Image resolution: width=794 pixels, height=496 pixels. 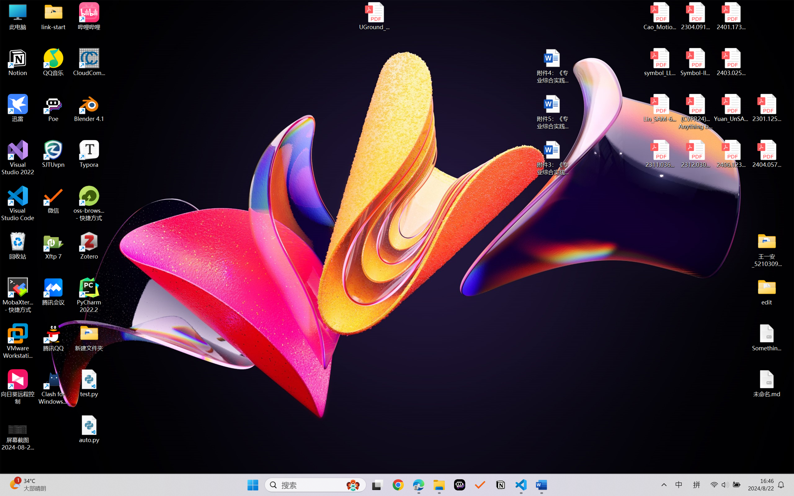 What do you see at coordinates (695, 16) in the screenshot?
I see `'2304.09121v3.pdf'` at bounding box center [695, 16].